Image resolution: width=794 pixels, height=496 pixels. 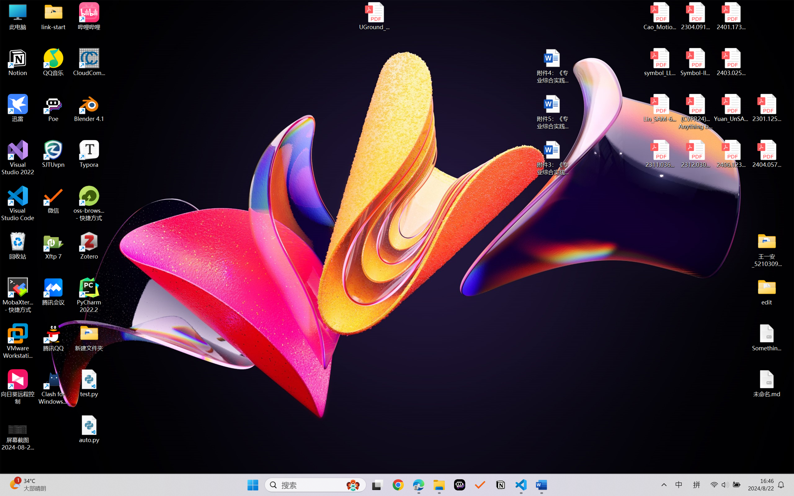 What do you see at coordinates (695, 16) in the screenshot?
I see `'2304.09121v3.pdf'` at bounding box center [695, 16].